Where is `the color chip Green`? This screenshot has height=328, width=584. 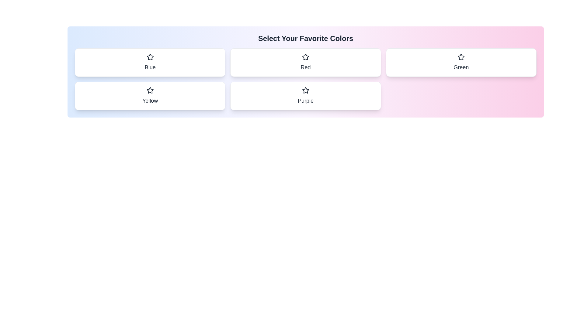 the color chip Green is located at coordinates (461, 62).